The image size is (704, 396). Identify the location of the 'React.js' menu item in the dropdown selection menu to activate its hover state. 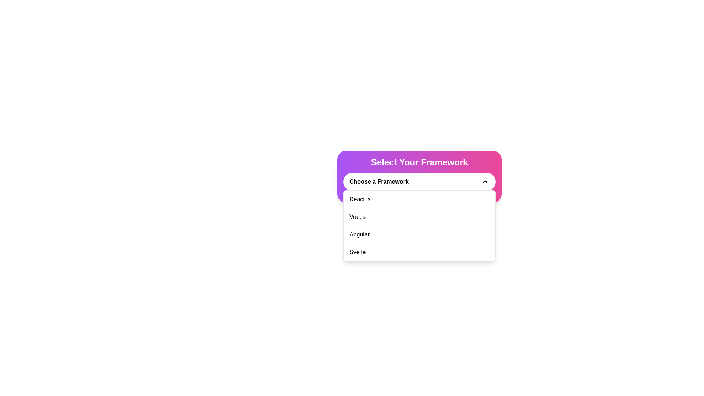
(419, 199).